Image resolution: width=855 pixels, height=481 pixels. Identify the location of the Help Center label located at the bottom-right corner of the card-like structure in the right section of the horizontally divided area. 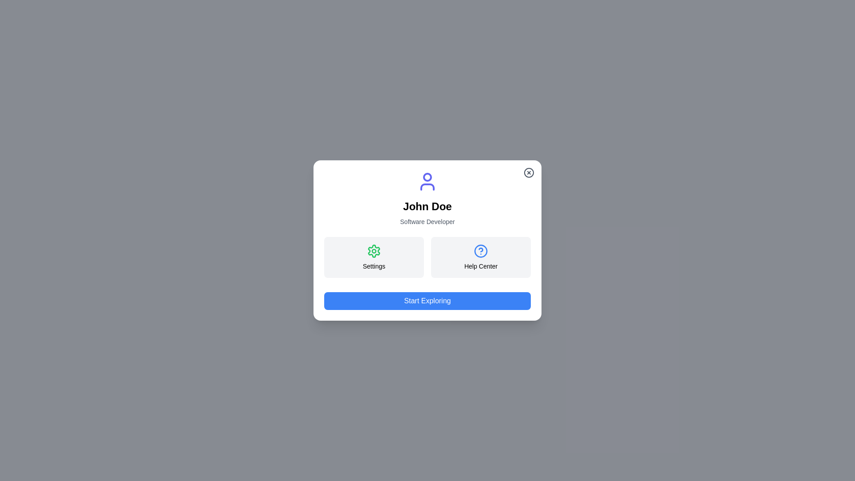
(480, 265).